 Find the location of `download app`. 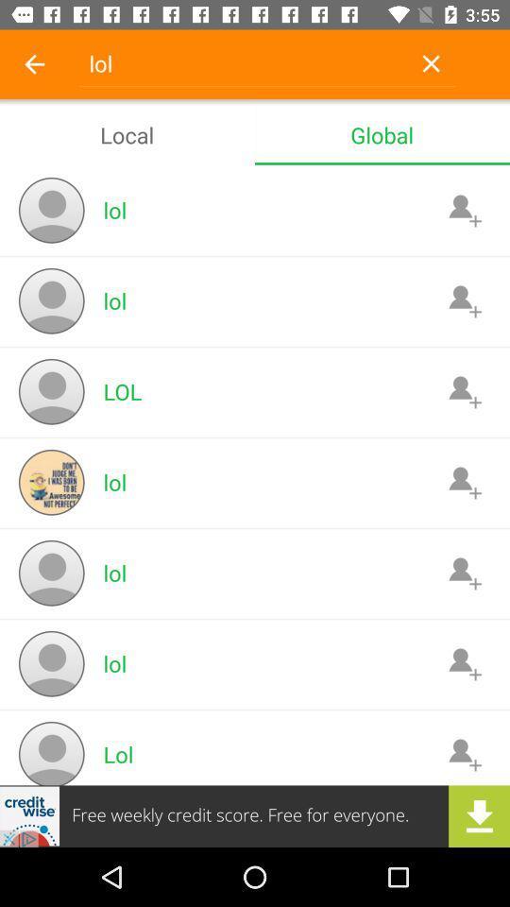

download app is located at coordinates (255, 815).